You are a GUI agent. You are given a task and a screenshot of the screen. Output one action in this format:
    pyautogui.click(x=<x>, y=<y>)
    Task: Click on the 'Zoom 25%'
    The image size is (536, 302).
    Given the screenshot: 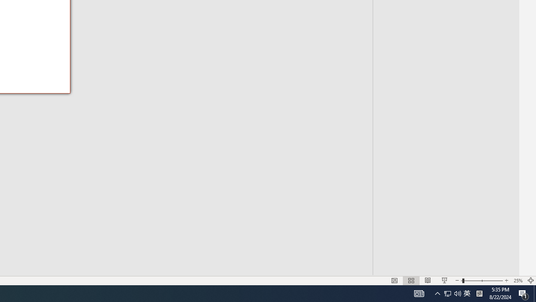 What is the action you would take?
    pyautogui.click(x=518, y=281)
    